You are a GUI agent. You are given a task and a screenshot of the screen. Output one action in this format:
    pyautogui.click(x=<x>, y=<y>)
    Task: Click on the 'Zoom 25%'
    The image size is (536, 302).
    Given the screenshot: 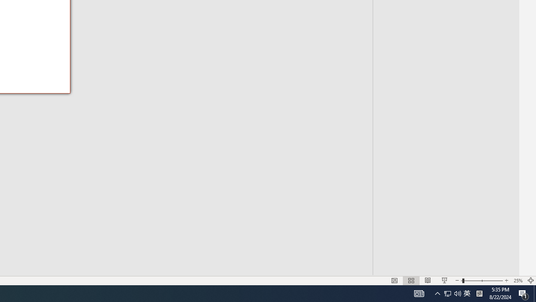 What is the action you would take?
    pyautogui.click(x=518, y=281)
    